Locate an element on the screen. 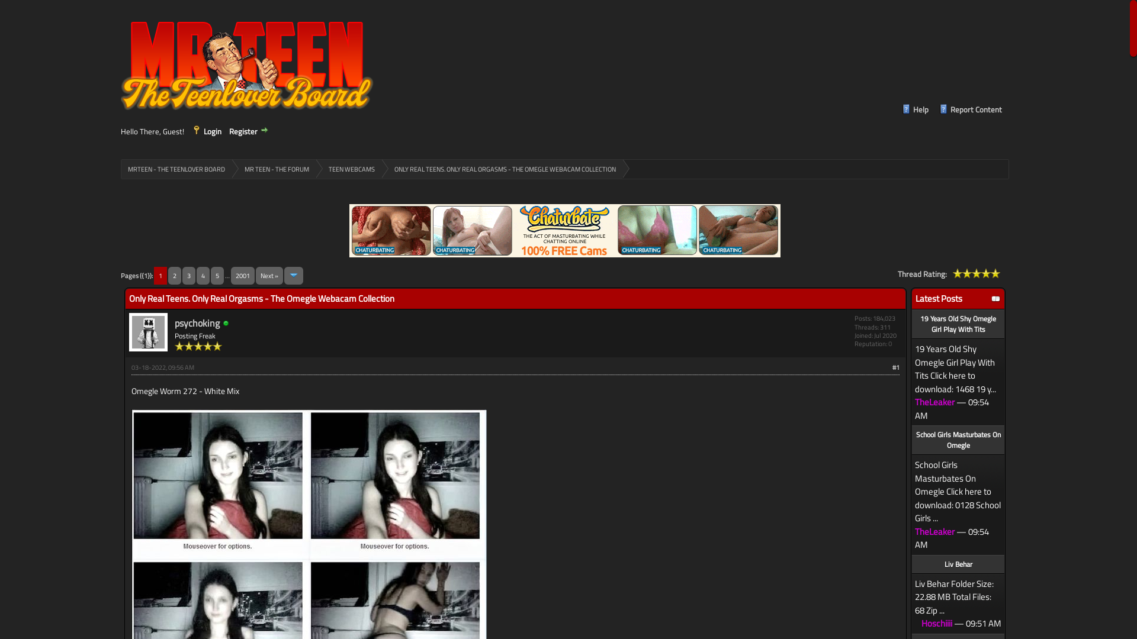 Image resolution: width=1137 pixels, height=639 pixels. '3' is located at coordinates (188, 276).